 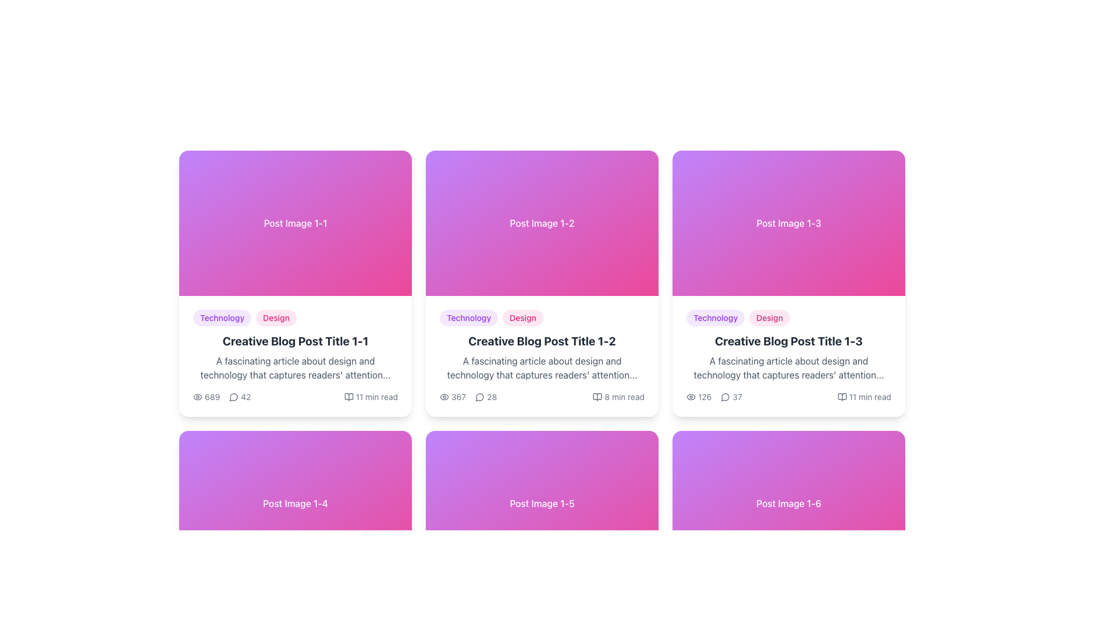 What do you see at coordinates (789, 396) in the screenshot?
I see `the Informational Section located at the bottom of the third card from the left in the grid layout for more data` at bounding box center [789, 396].